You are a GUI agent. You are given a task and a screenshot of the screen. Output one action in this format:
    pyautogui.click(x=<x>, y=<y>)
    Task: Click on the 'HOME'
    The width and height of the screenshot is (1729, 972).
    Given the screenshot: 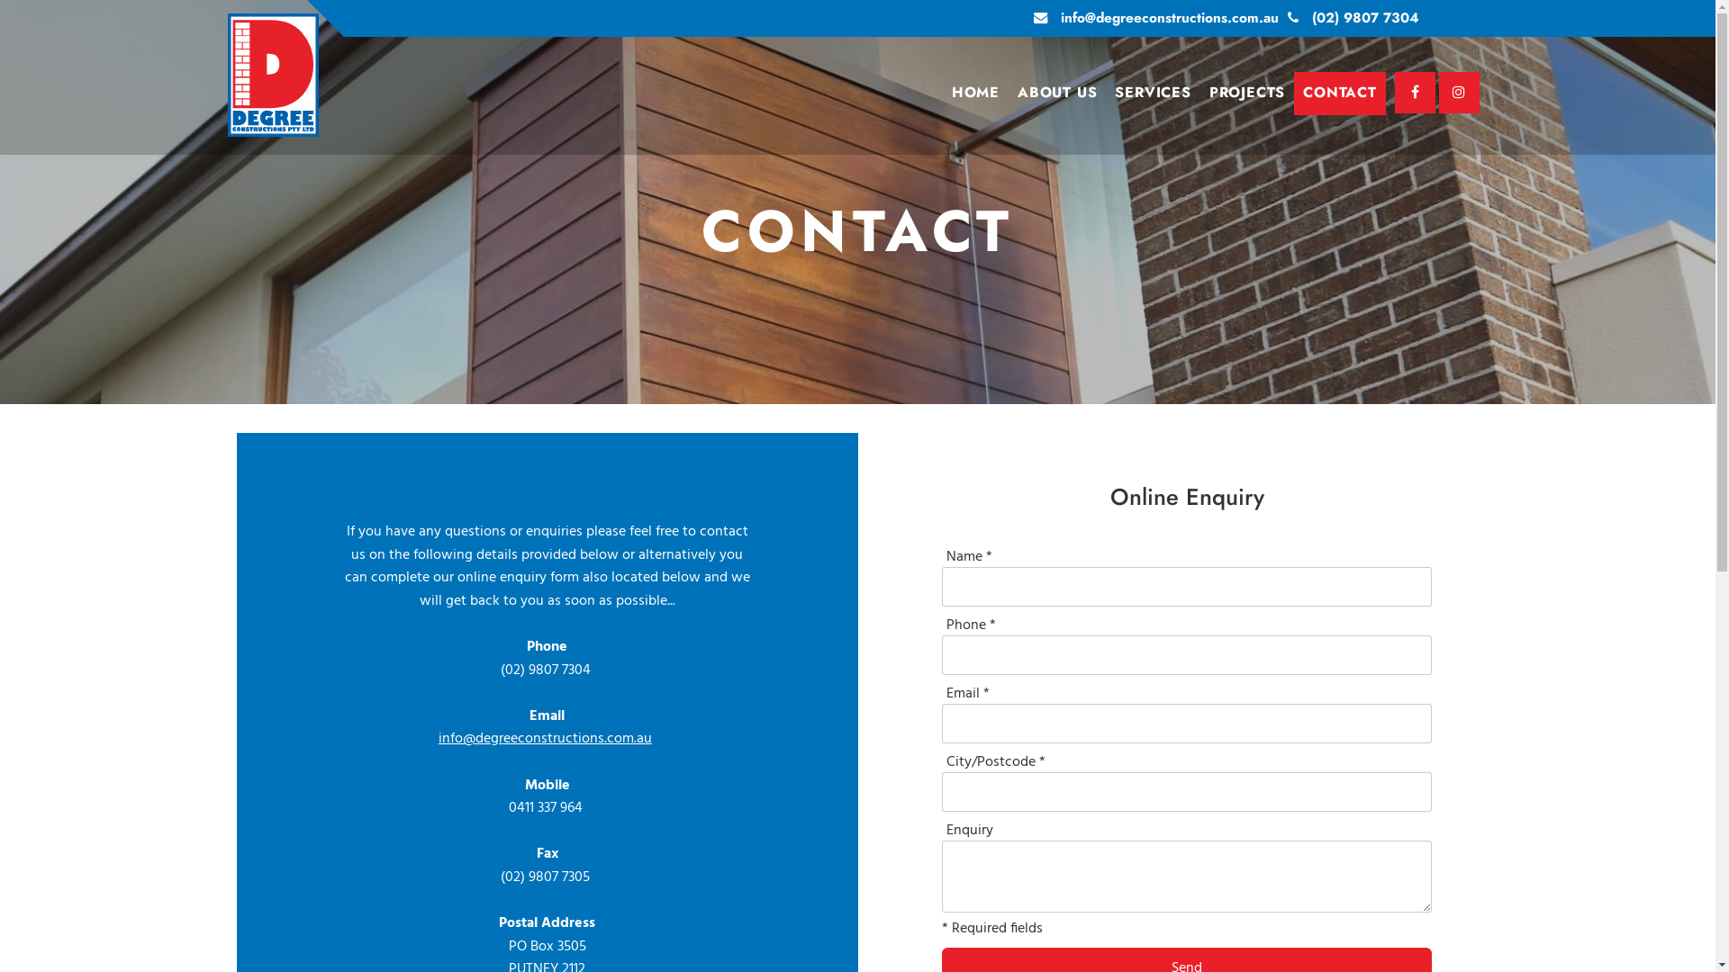 What is the action you would take?
    pyautogui.click(x=974, y=94)
    